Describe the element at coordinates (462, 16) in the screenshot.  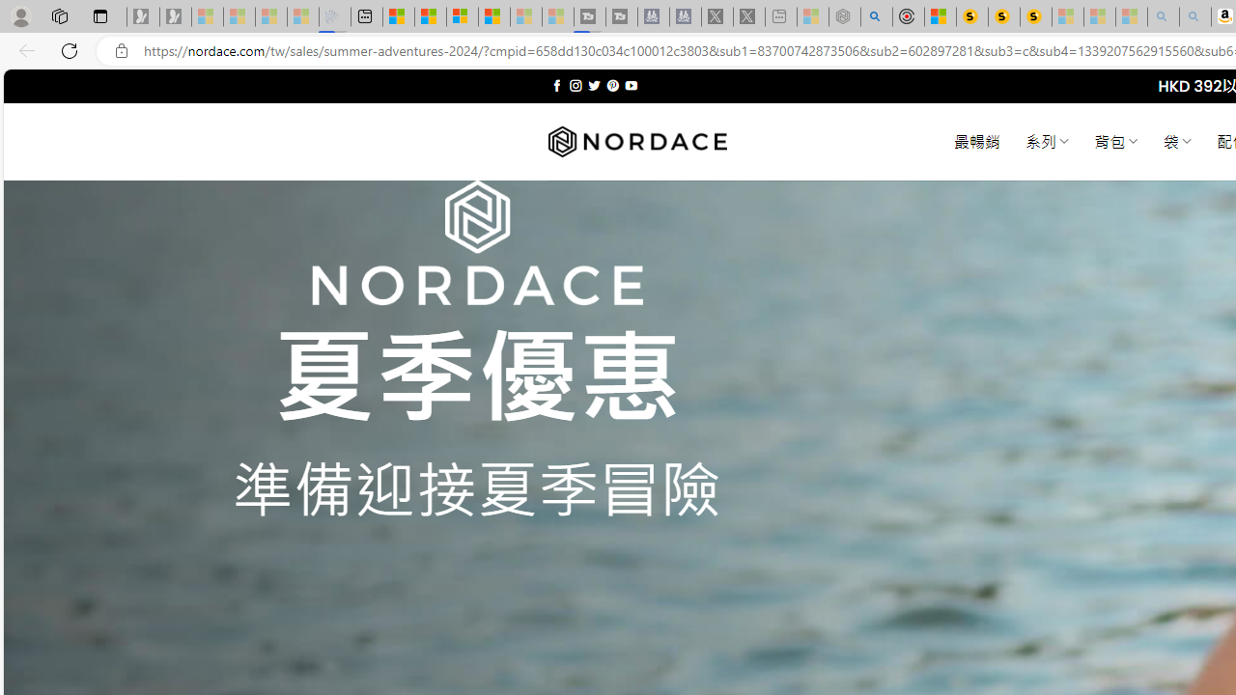
I see `'Overview'` at that location.